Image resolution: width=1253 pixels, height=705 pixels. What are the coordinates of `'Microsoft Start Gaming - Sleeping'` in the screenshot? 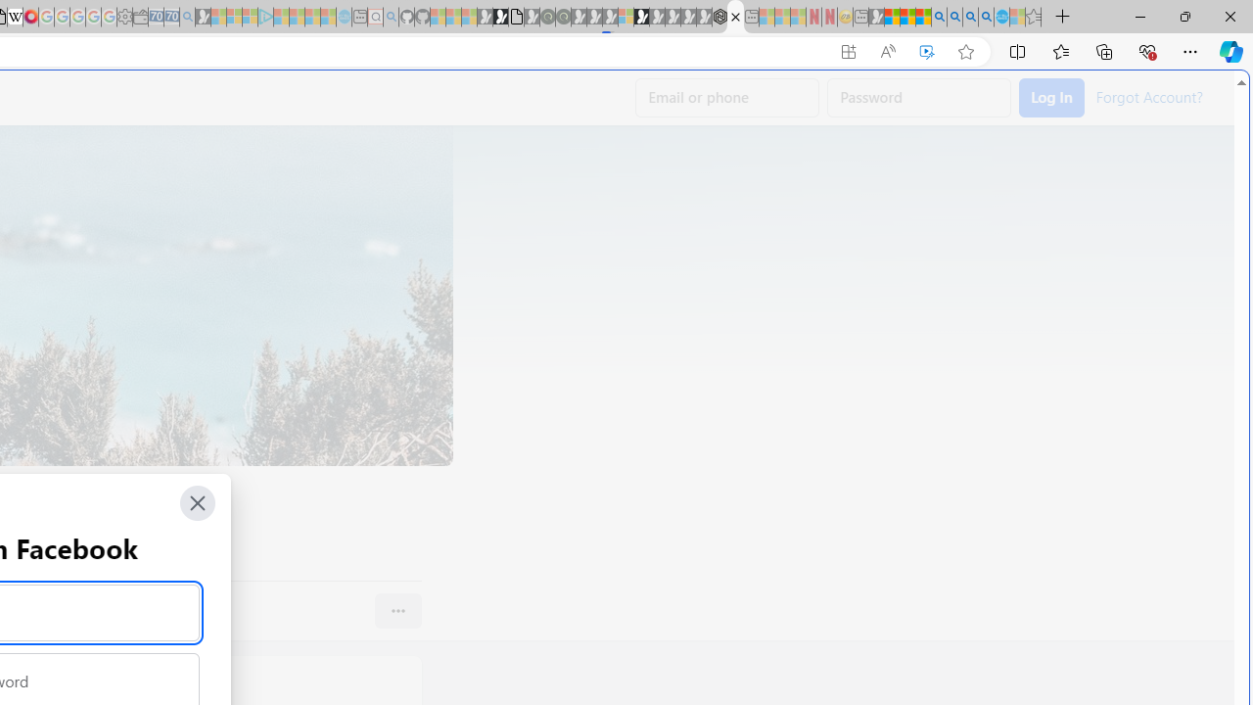 It's located at (203, 17).